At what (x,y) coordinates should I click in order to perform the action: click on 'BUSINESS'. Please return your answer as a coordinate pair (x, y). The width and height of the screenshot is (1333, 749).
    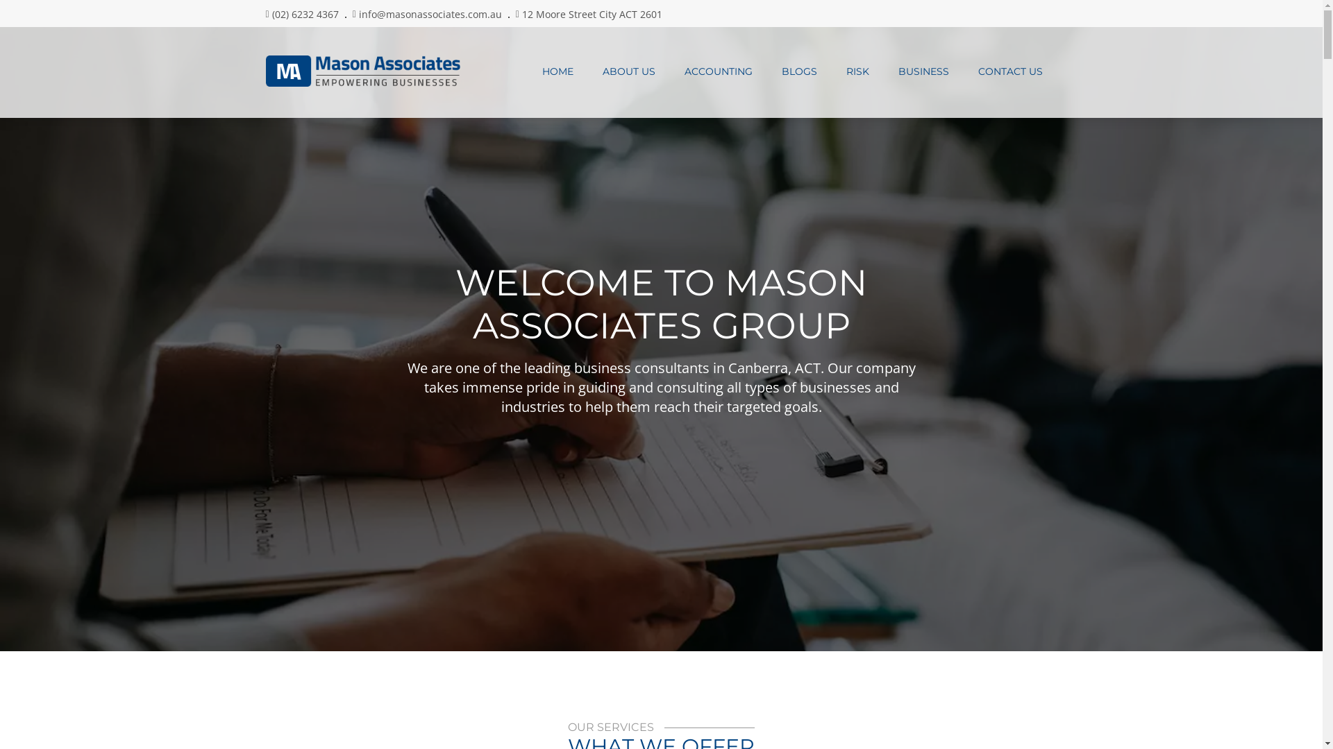
    Looking at the image, I should click on (923, 71).